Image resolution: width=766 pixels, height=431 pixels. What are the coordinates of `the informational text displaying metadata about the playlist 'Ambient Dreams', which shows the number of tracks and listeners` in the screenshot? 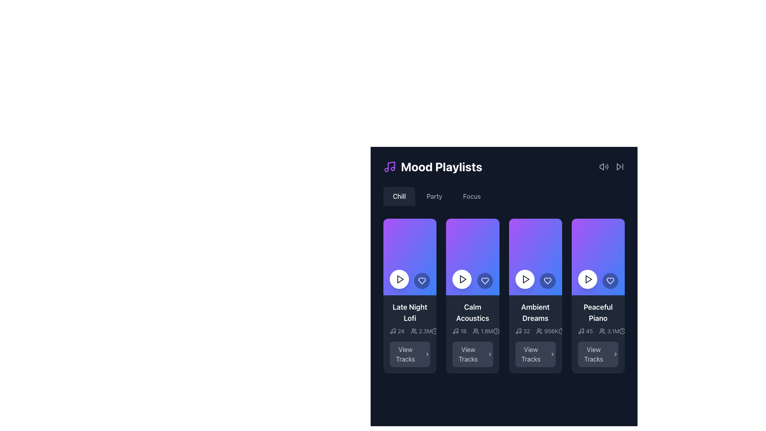 It's located at (537, 331).